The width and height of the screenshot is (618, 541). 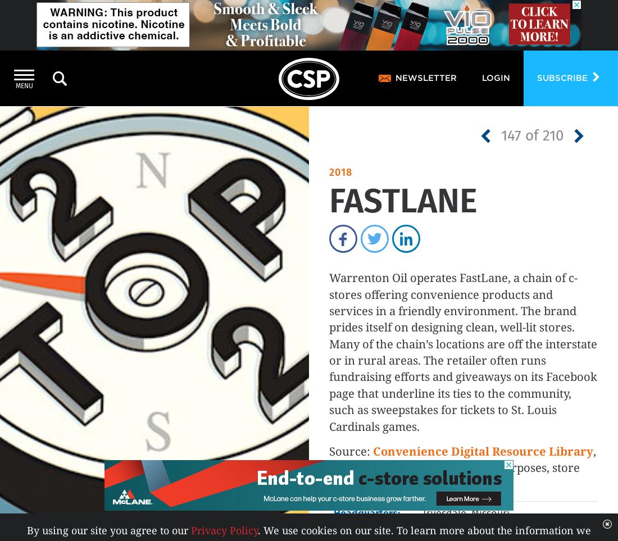 I want to click on 'Warrenton Oil operates FastLane, a chain of c-stores offering convenience products and services in a friendly environment. The brand prides itself on designing clean, well-lit stores. Many of the chain’s locations are off the interstate or in rural areas. The retailer often runs fundraising efforts and giveaways on its Facebook page that underline its ties to the community, such as sweepstakes for tickets to St. Louis Cardinals games.', so click(x=328, y=351).